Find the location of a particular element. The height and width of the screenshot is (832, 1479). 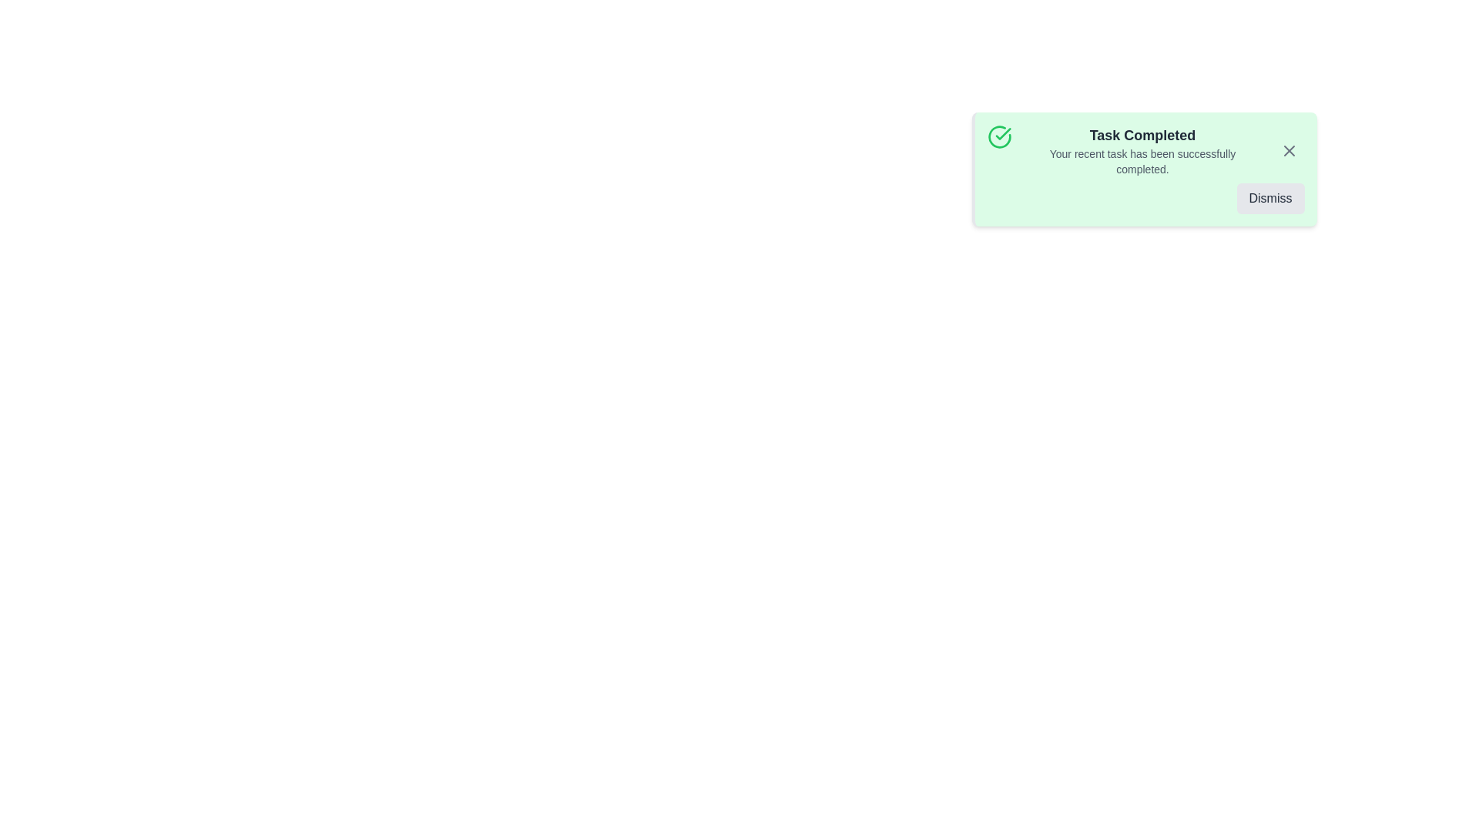

the close icon located at the top-right corner of the notification box for 'Task Completed' to possibly reveal additional tooltip or highlight effect is located at coordinates (1289, 151).